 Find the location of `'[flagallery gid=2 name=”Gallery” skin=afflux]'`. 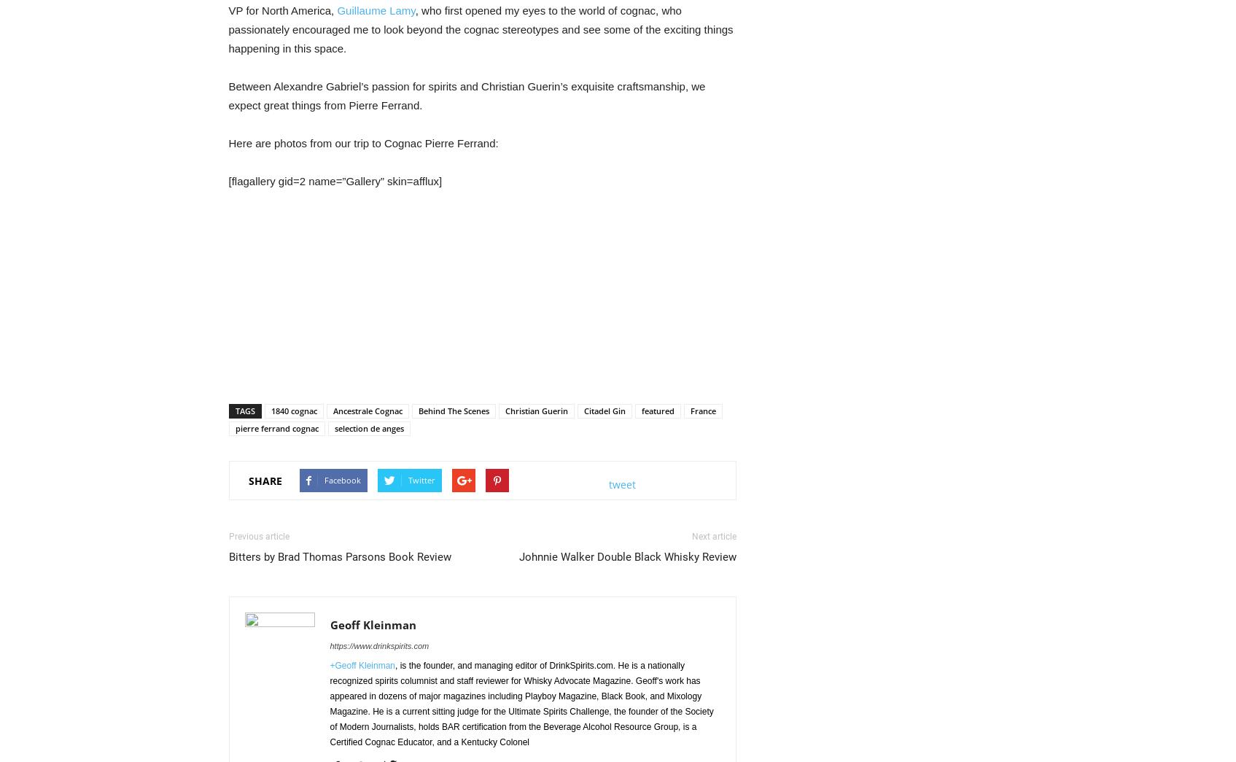

'[flagallery gid=2 name=”Gallery” skin=afflux]' is located at coordinates (334, 180).